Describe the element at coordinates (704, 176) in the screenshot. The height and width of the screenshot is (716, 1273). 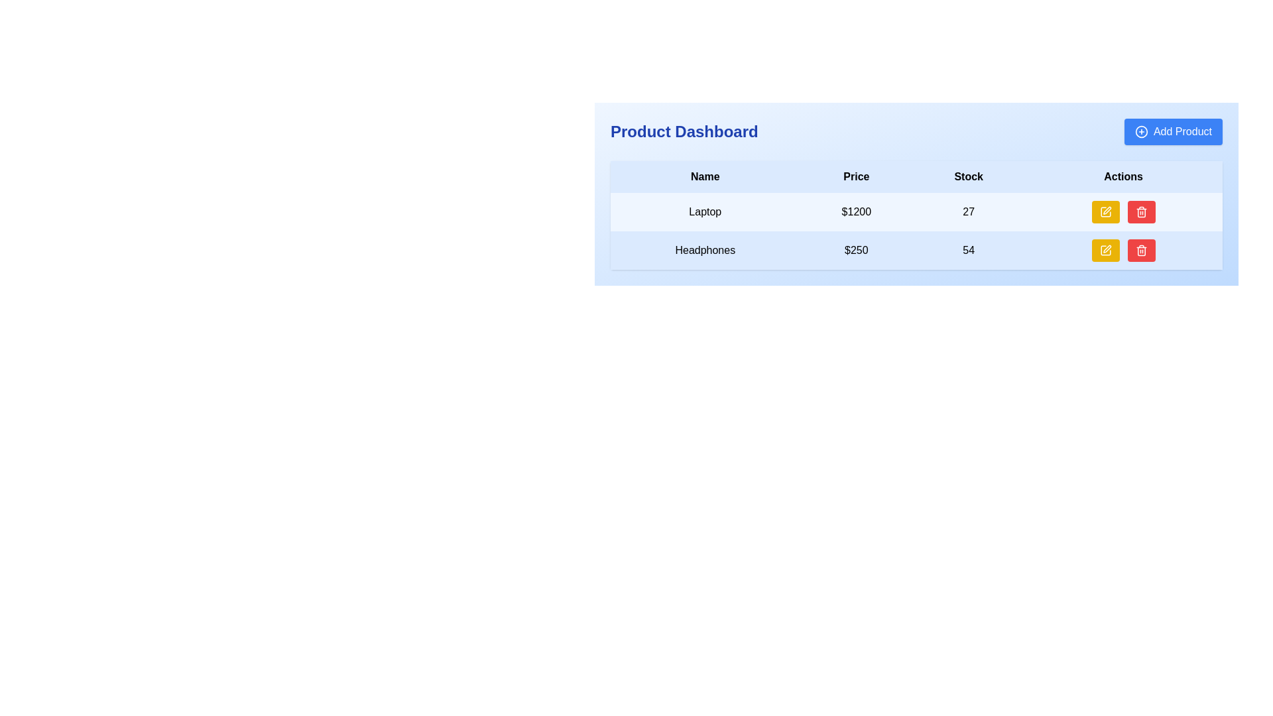
I see `the 'Name' table header located at the upper left of the table` at that location.